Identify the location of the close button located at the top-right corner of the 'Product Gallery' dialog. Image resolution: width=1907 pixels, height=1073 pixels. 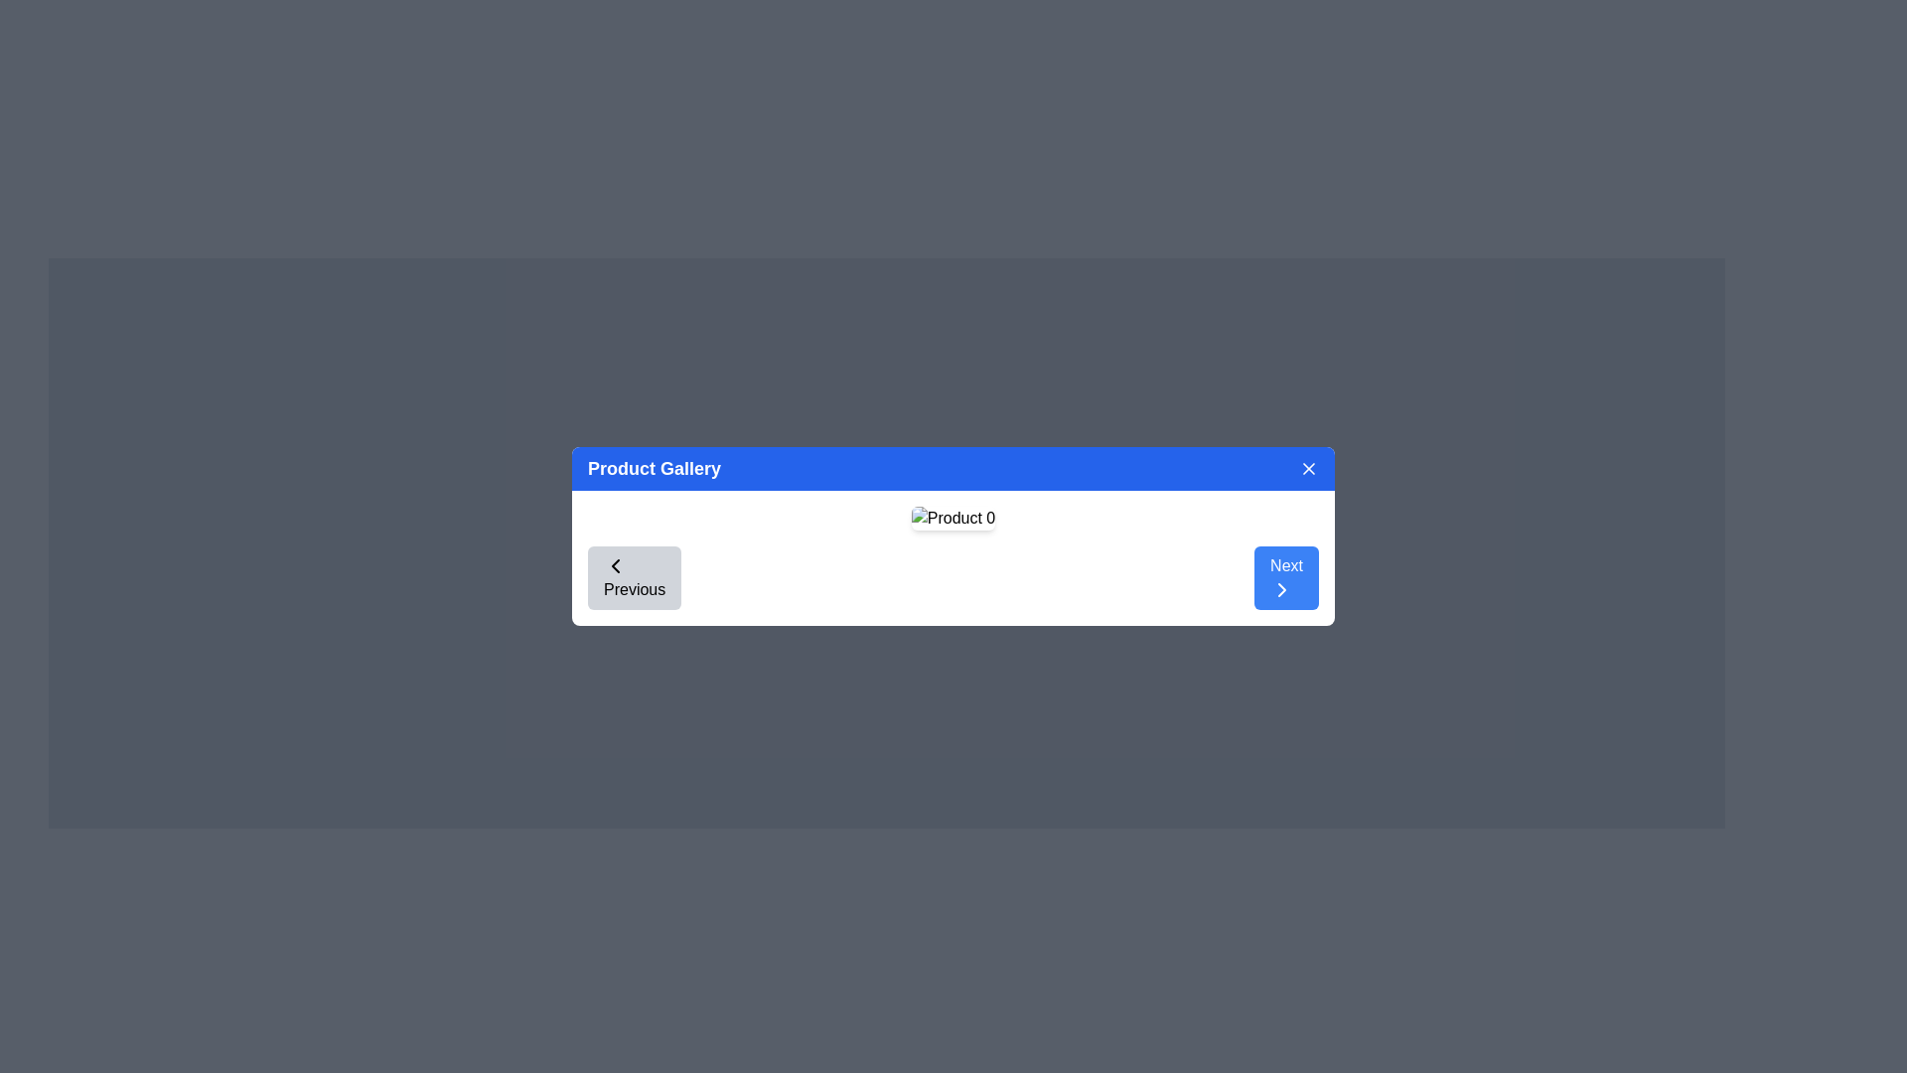
(1309, 468).